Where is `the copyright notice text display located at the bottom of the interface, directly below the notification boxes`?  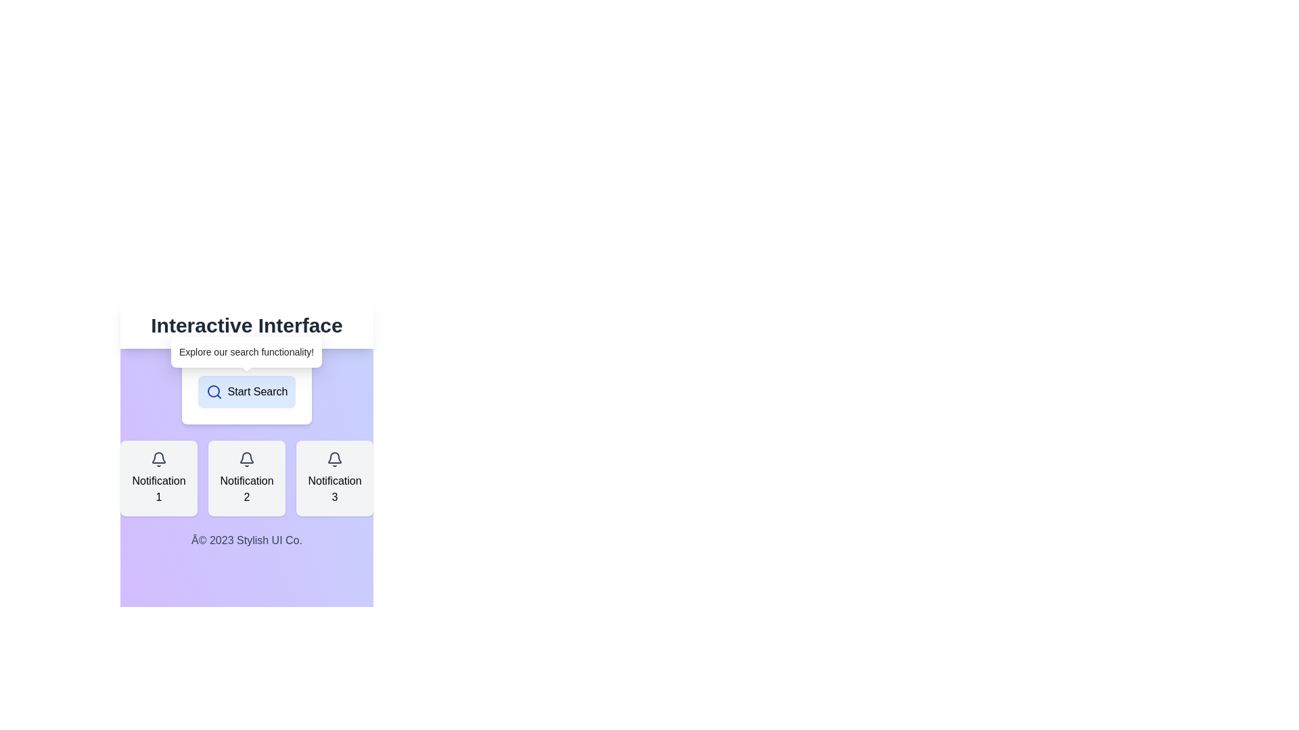 the copyright notice text display located at the bottom of the interface, directly below the notification boxes is located at coordinates (246, 539).